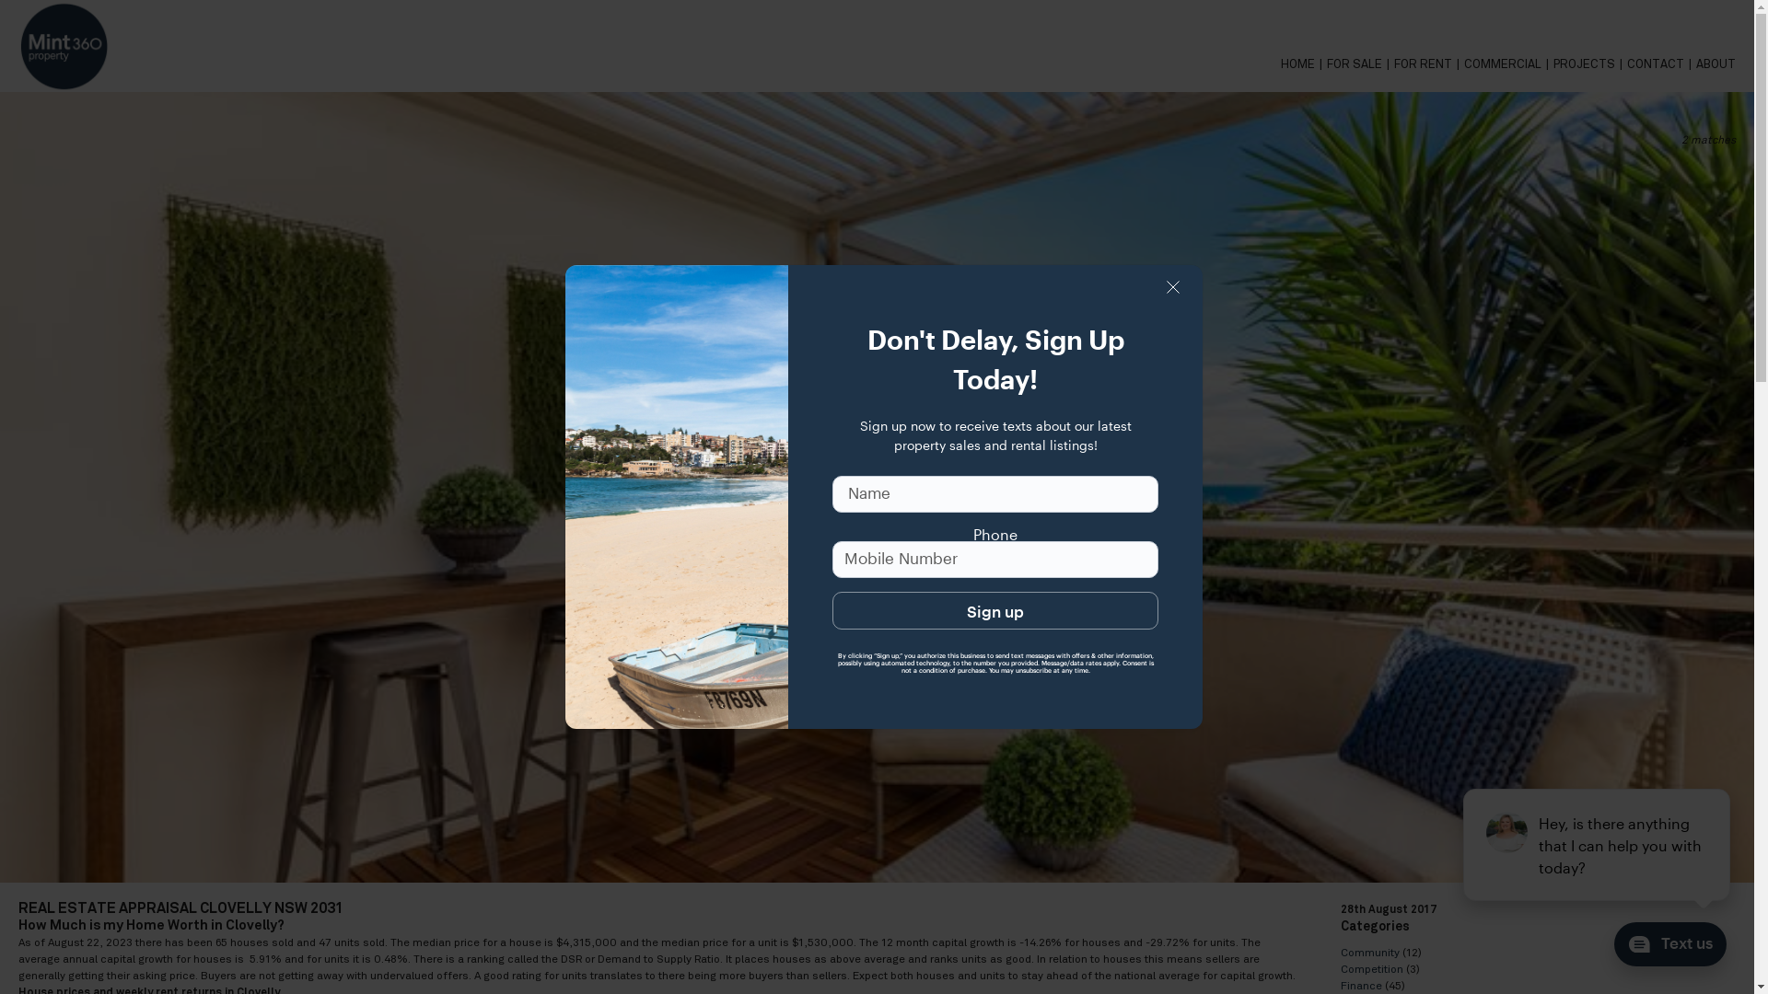 The height and width of the screenshot is (994, 1768). What do you see at coordinates (1427, 63) in the screenshot?
I see `'FOR RENT'` at bounding box center [1427, 63].